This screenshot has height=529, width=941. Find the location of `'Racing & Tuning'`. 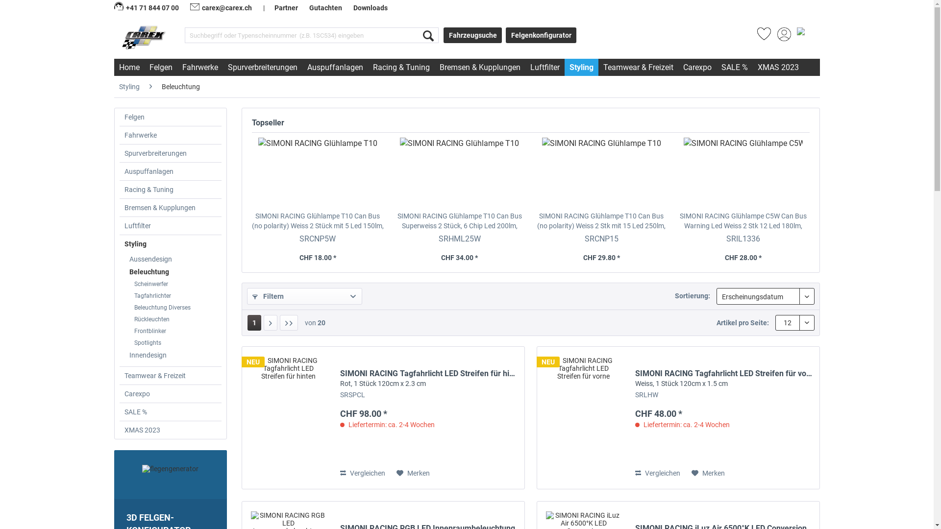

'Racing & Tuning' is located at coordinates (170, 189).